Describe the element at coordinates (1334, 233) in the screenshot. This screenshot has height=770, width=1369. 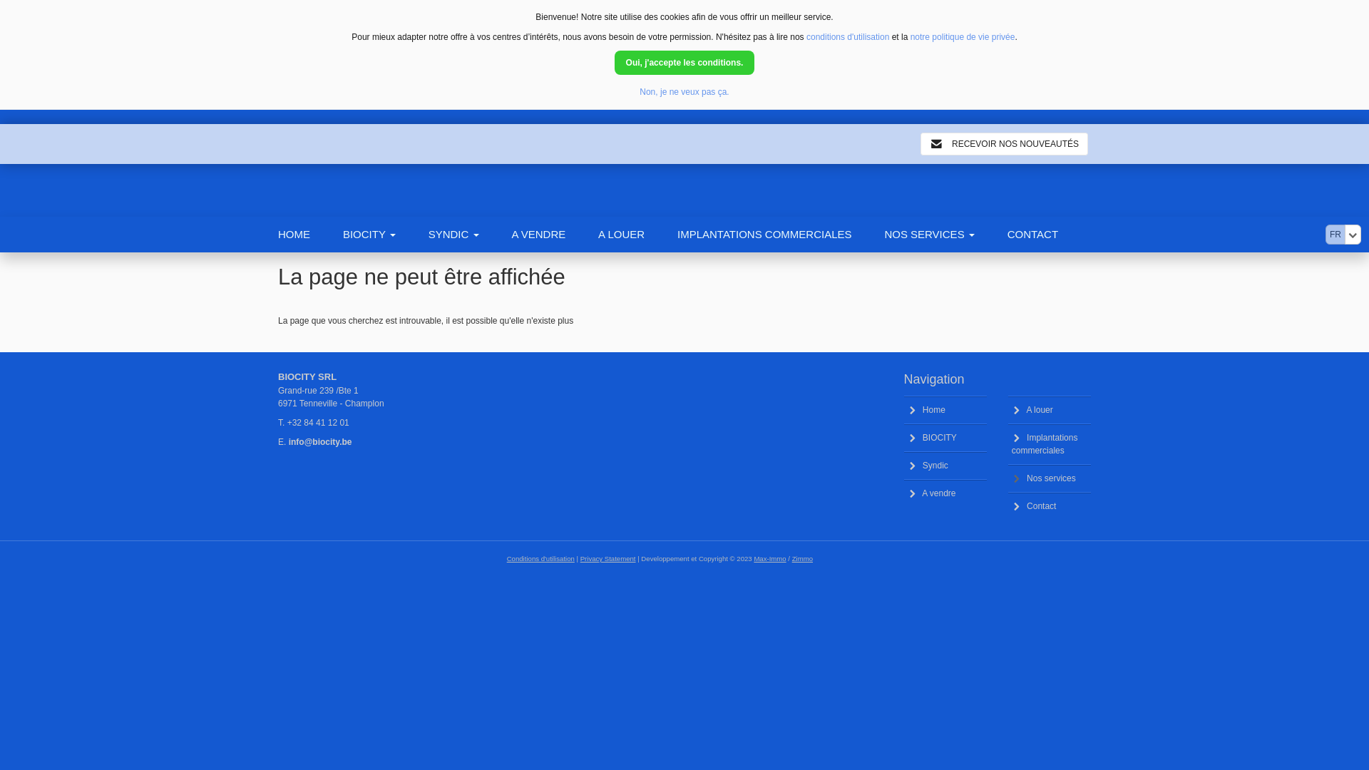
I see `'FR'` at that location.